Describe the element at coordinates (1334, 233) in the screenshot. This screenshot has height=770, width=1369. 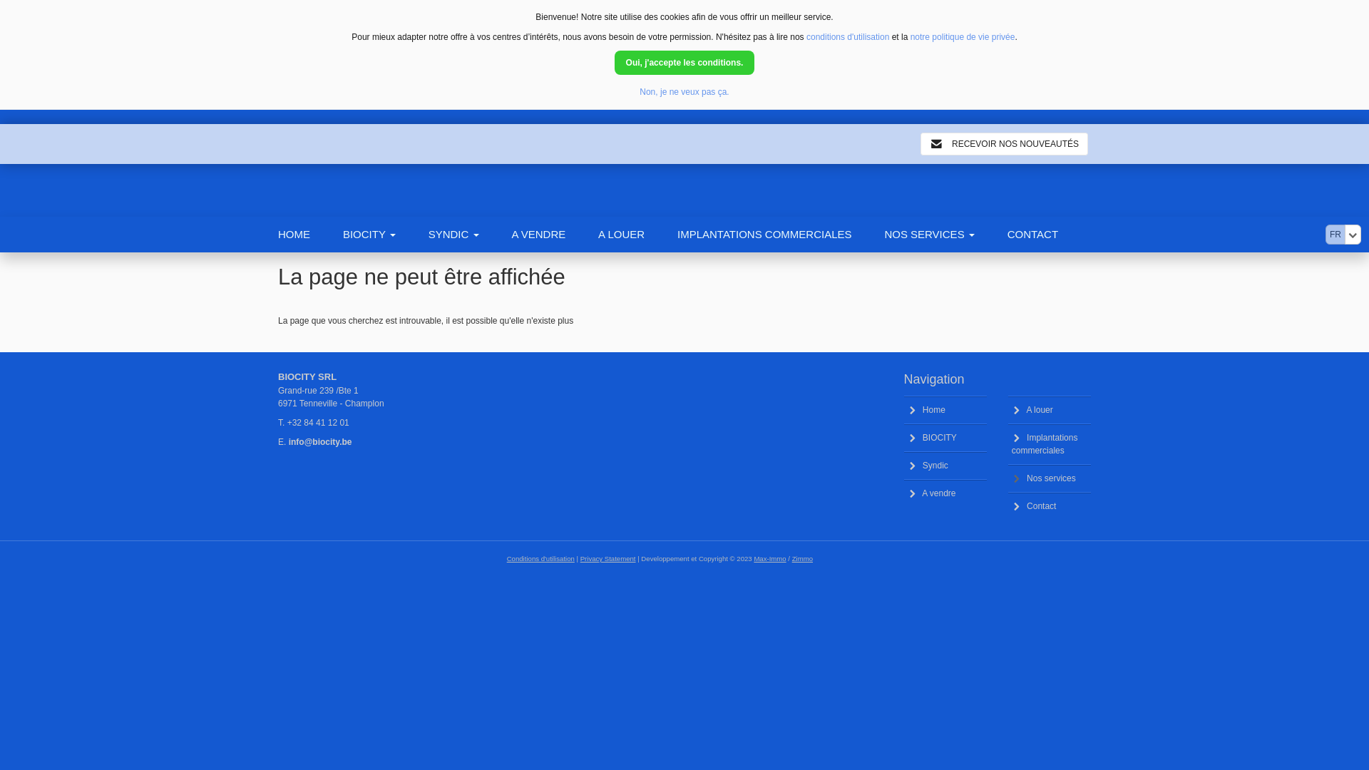
I see `'FR'` at that location.